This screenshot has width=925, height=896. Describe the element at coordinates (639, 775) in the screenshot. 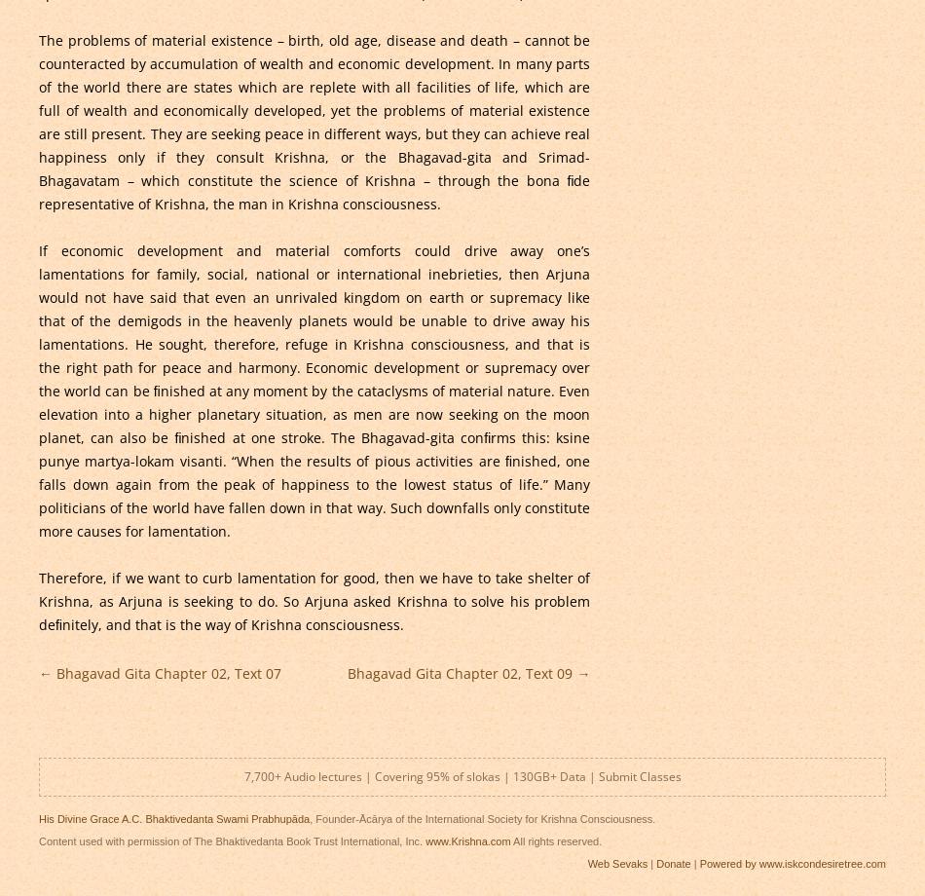

I see `'Submit Classes'` at that location.